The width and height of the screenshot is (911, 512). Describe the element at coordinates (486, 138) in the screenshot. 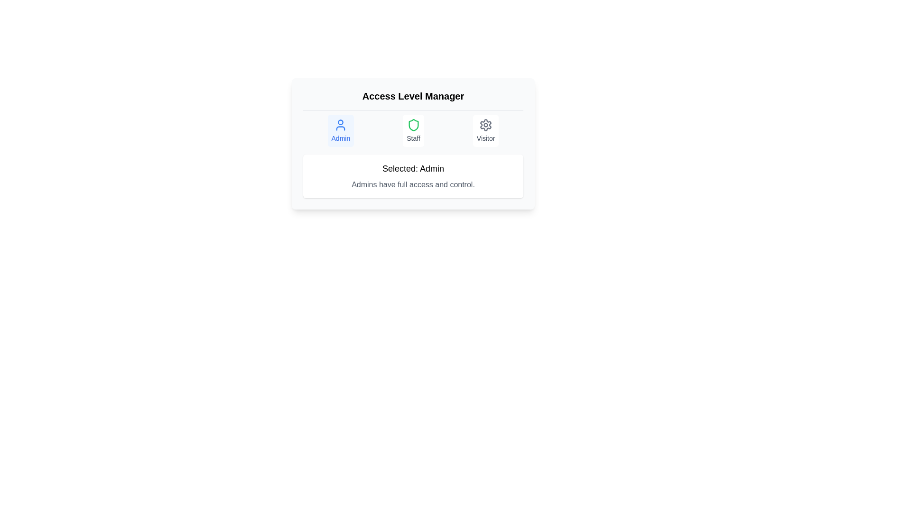

I see `the 'Visitor' text label, which is styled with a small text size and is located below the cogwheel icon in the 'Access Level Manager' interface, positioned as the rightmost option among 'Admin', 'Staff', and 'Visitor'` at that location.